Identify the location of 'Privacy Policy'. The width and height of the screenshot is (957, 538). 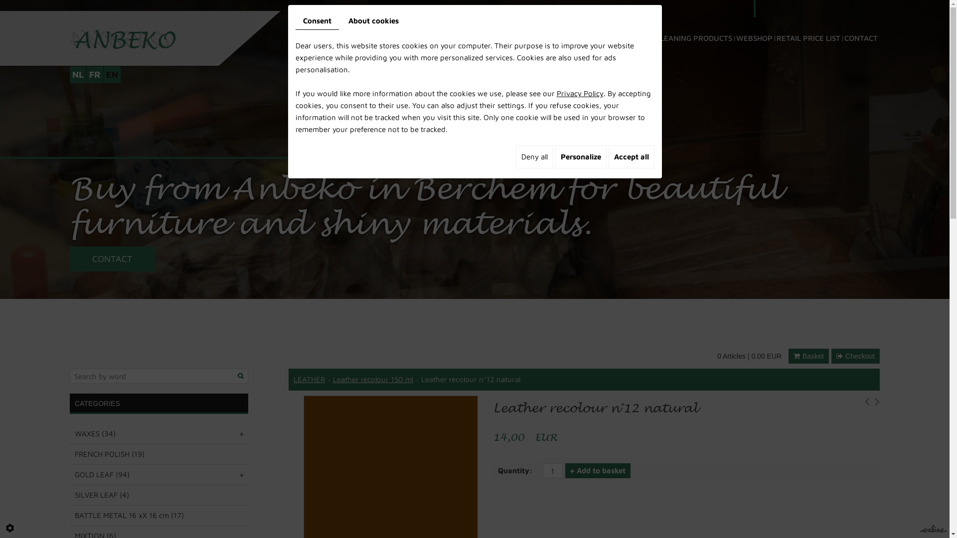
(579, 93).